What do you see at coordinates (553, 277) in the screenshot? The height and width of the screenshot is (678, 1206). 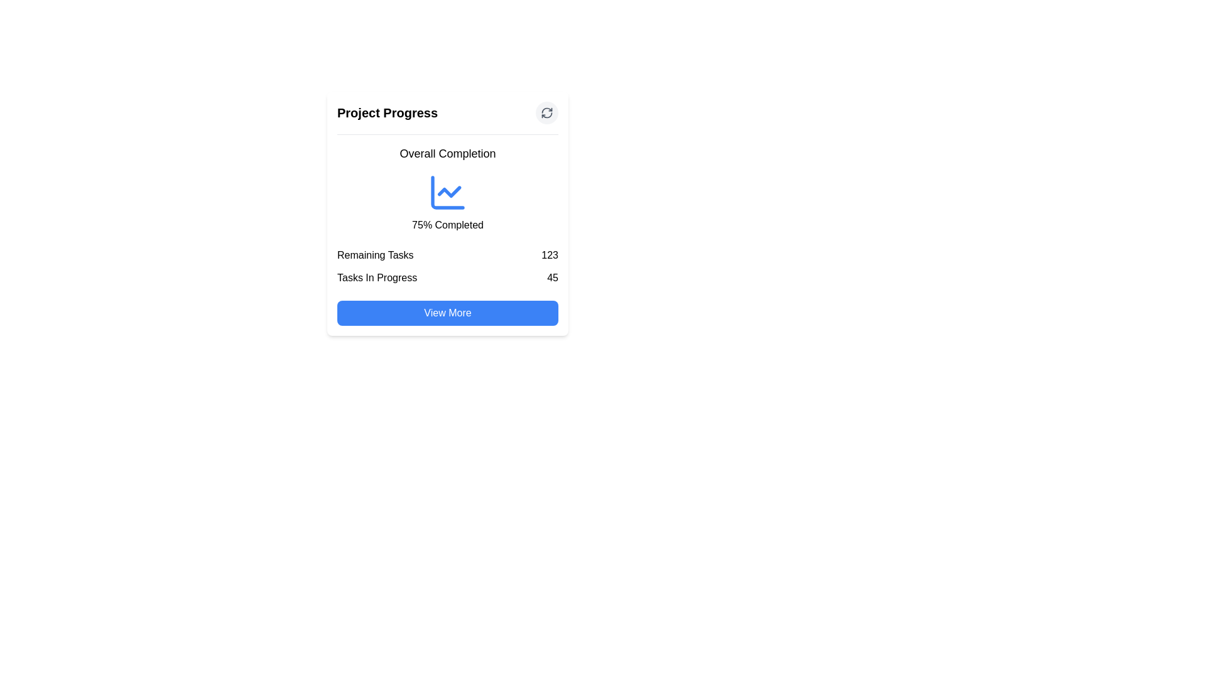 I see `numerical value '45' displayed in the Label/Text indicating the quantity of tasks currently in progress, located in the lower-right section of the 'Project Progress' card, adjacent to 'Tasks In Progress'` at bounding box center [553, 277].